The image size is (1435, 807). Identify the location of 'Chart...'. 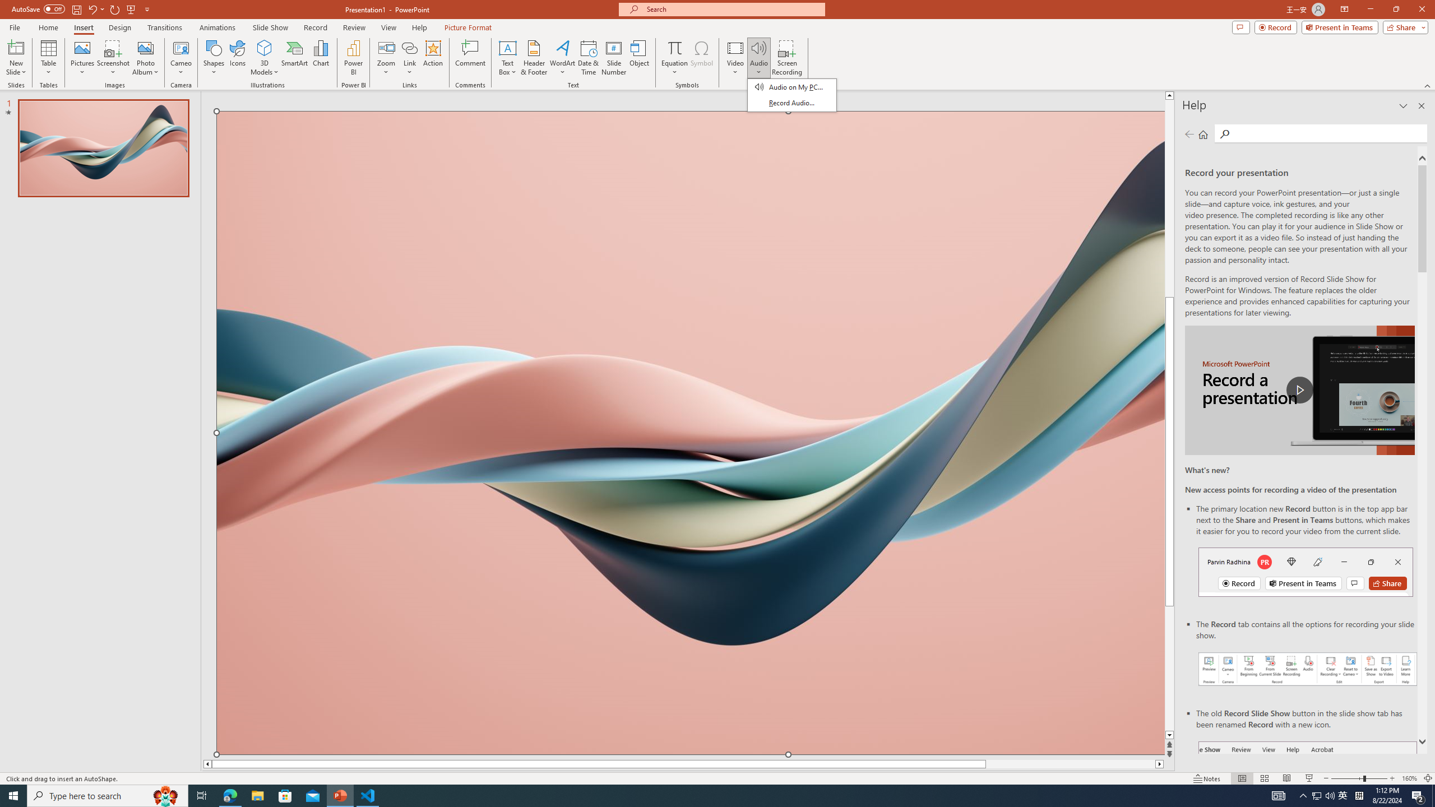
(321, 58).